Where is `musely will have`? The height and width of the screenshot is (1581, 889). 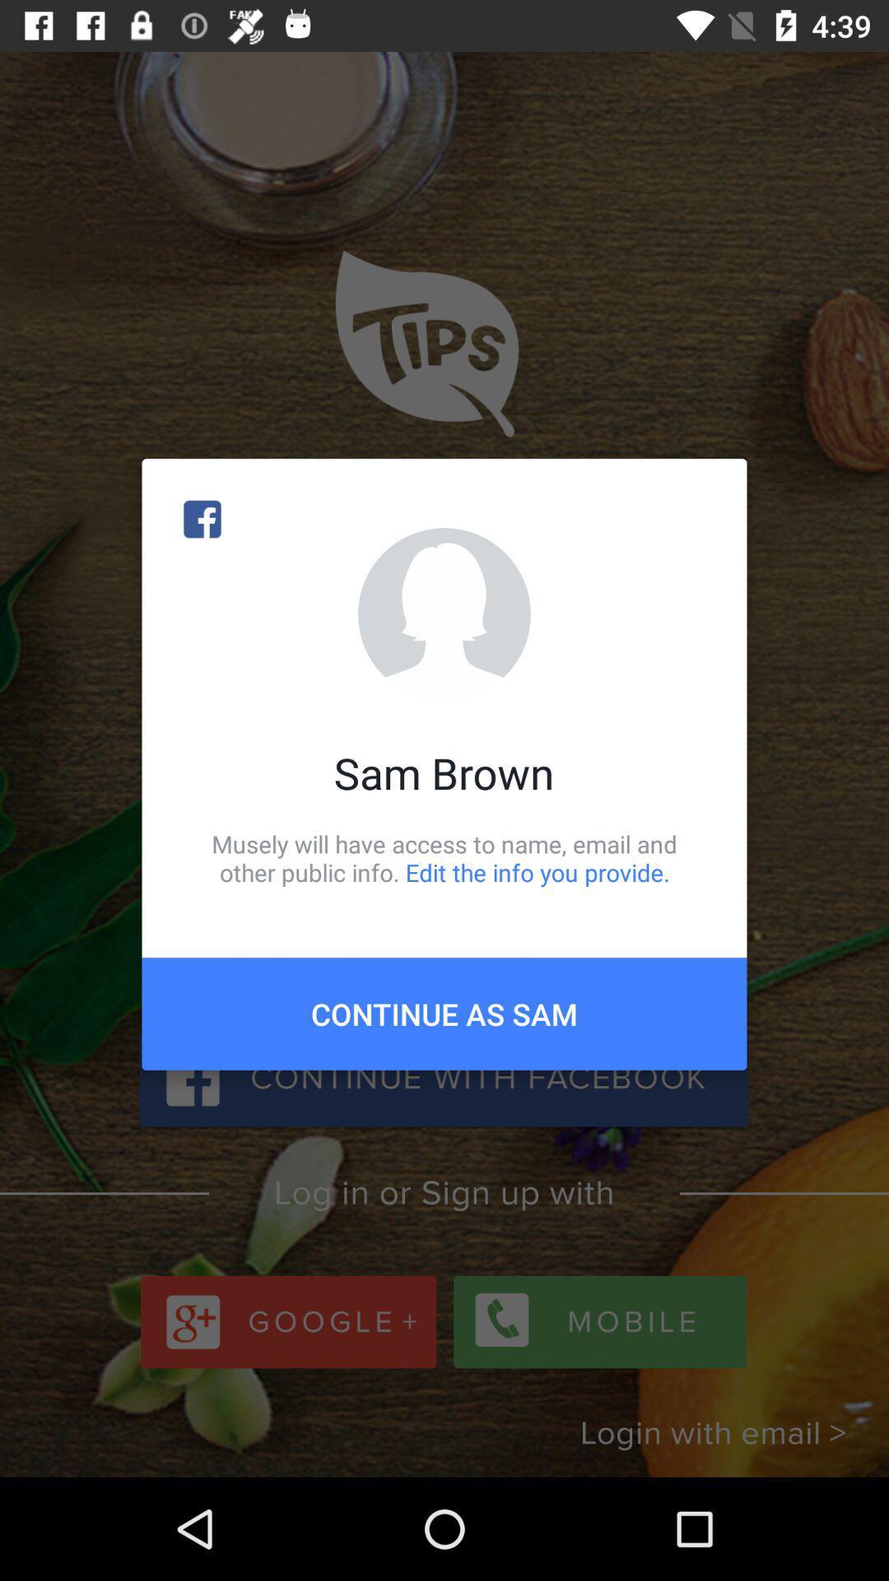
musely will have is located at coordinates (444, 857).